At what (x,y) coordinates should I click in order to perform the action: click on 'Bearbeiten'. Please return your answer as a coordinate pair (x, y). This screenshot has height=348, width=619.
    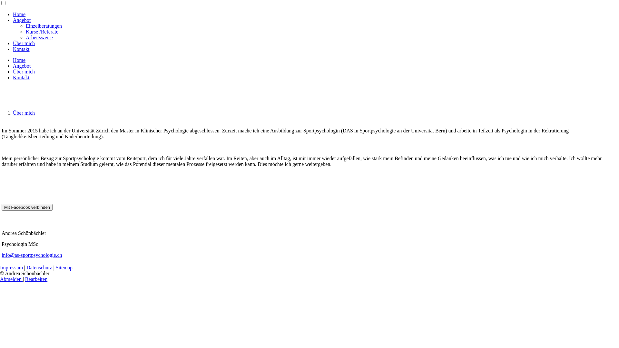
    Looking at the image, I should click on (25, 279).